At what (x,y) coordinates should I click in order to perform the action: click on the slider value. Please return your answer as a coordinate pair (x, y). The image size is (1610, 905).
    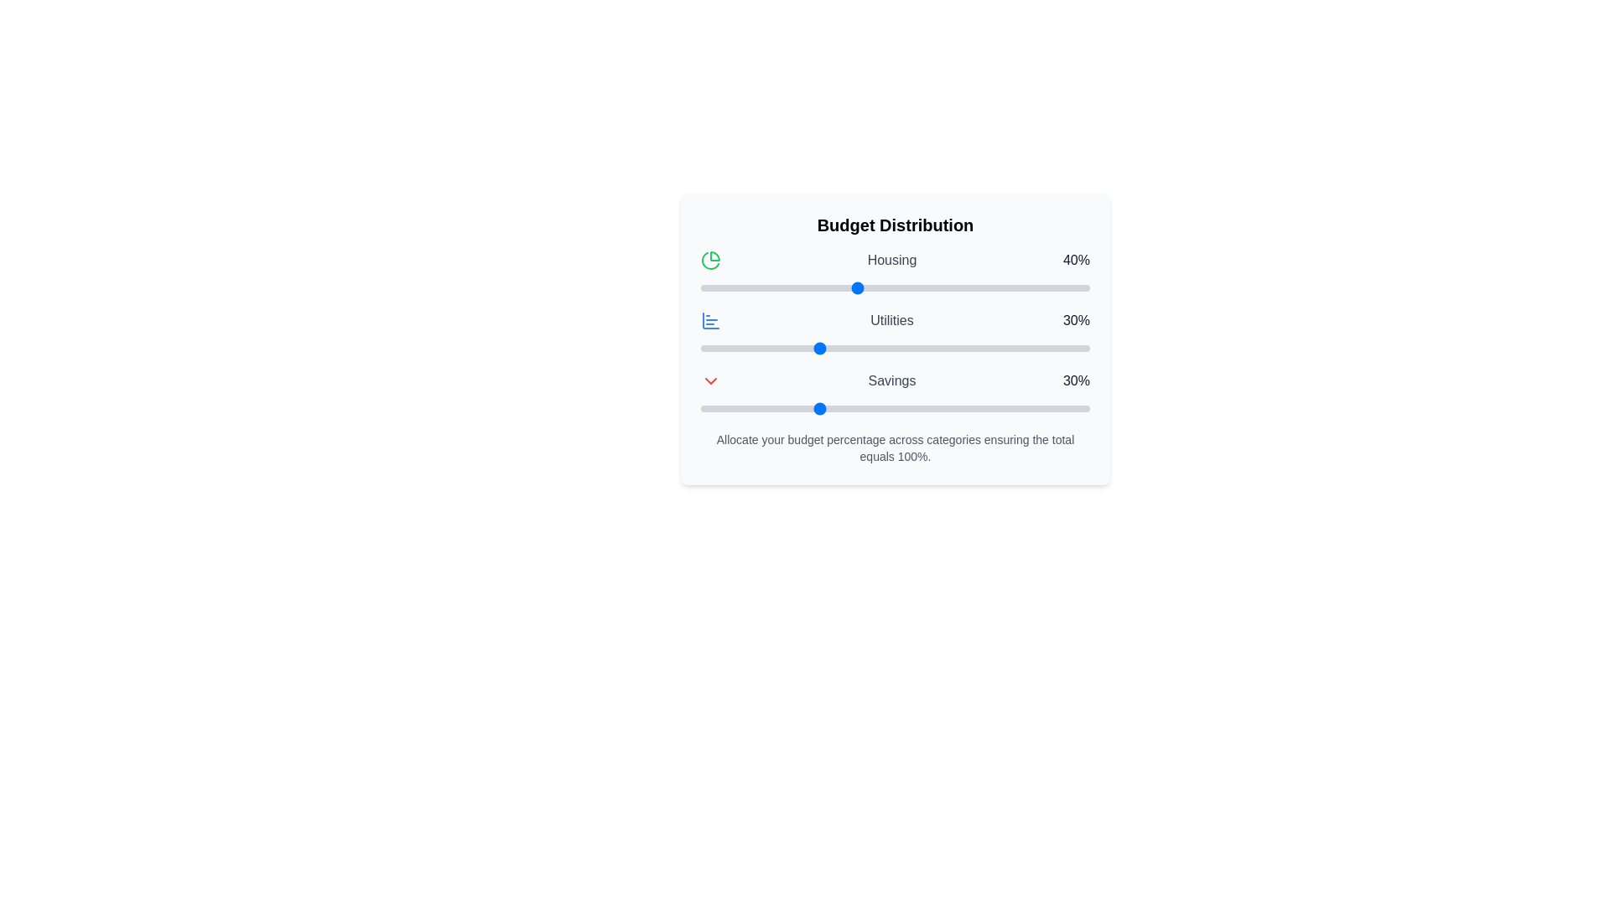
    Looking at the image, I should click on (917, 348).